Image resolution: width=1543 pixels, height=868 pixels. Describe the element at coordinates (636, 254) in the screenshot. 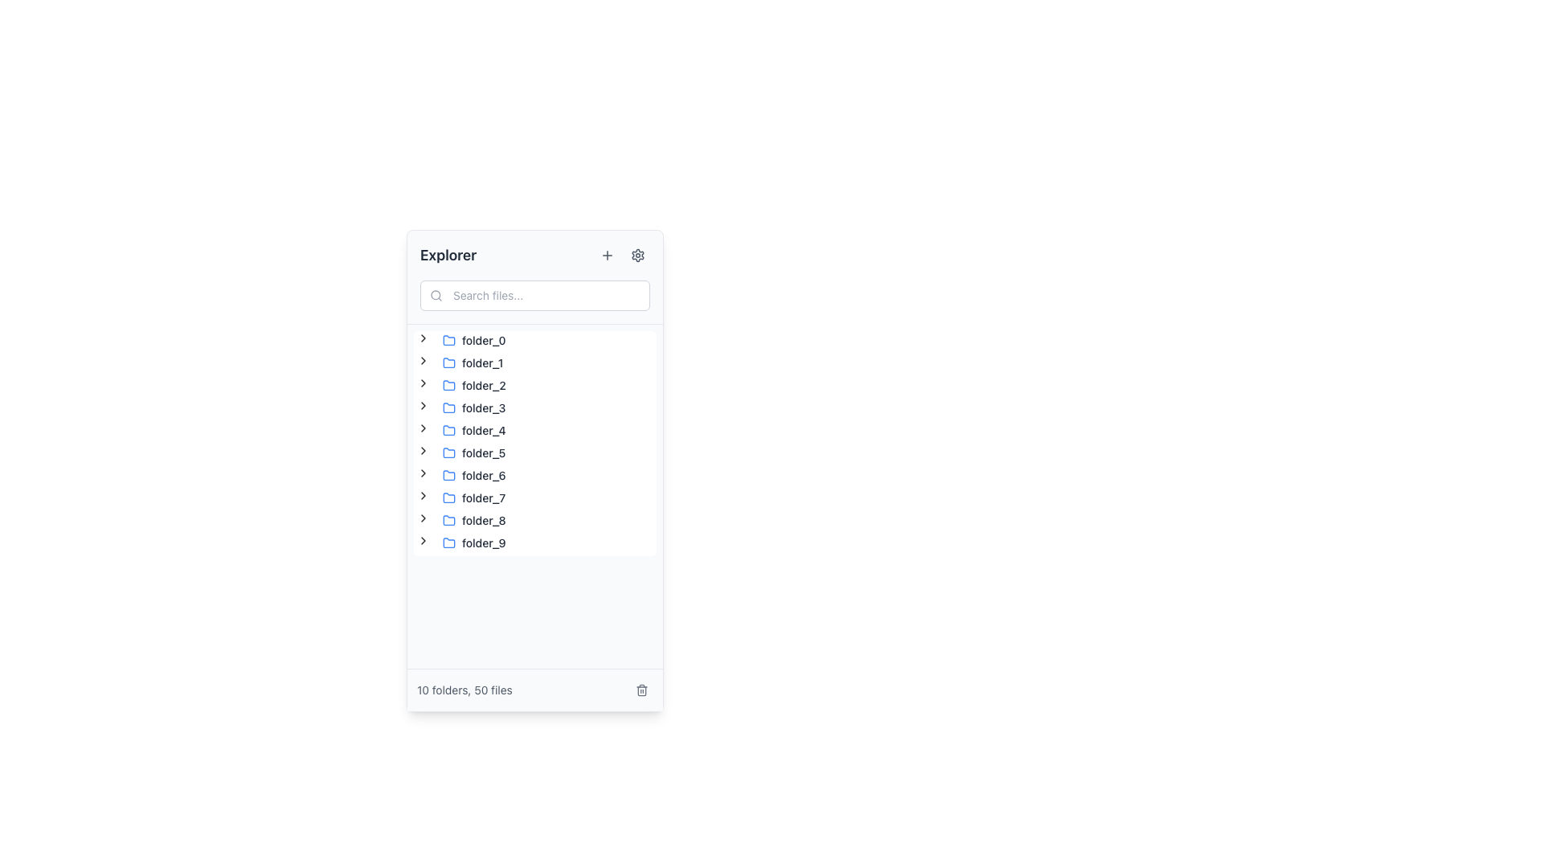

I see `the gear icon located in the top-right segment of the interface to invoke settings` at that location.